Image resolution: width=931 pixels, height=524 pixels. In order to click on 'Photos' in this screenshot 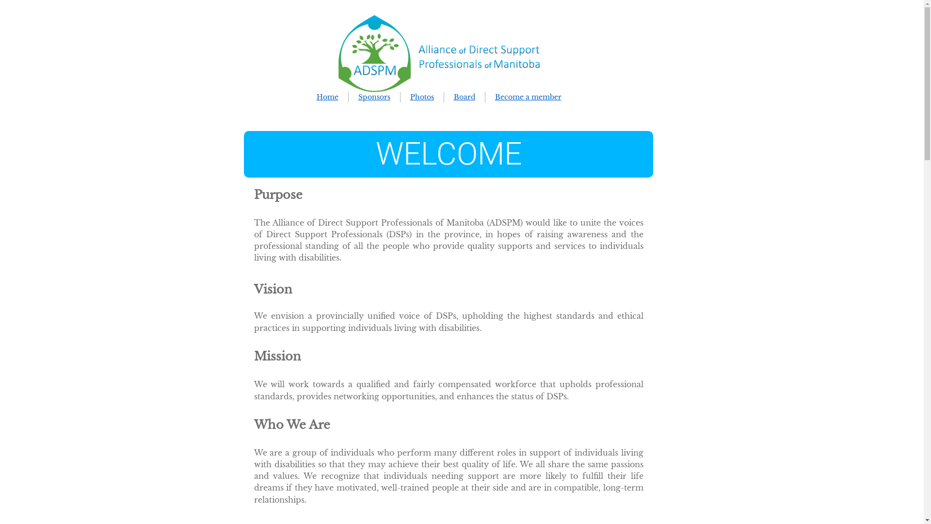, I will do `click(422, 97)`.